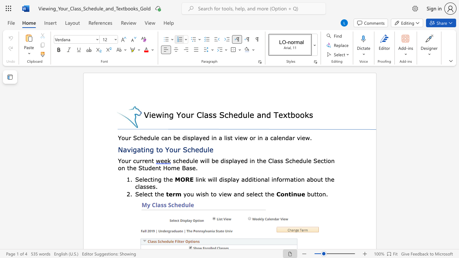 The image size is (459, 258). Describe the element at coordinates (254, 194) in the screenshot. I see `the 1th character "l" in the text` at that location.